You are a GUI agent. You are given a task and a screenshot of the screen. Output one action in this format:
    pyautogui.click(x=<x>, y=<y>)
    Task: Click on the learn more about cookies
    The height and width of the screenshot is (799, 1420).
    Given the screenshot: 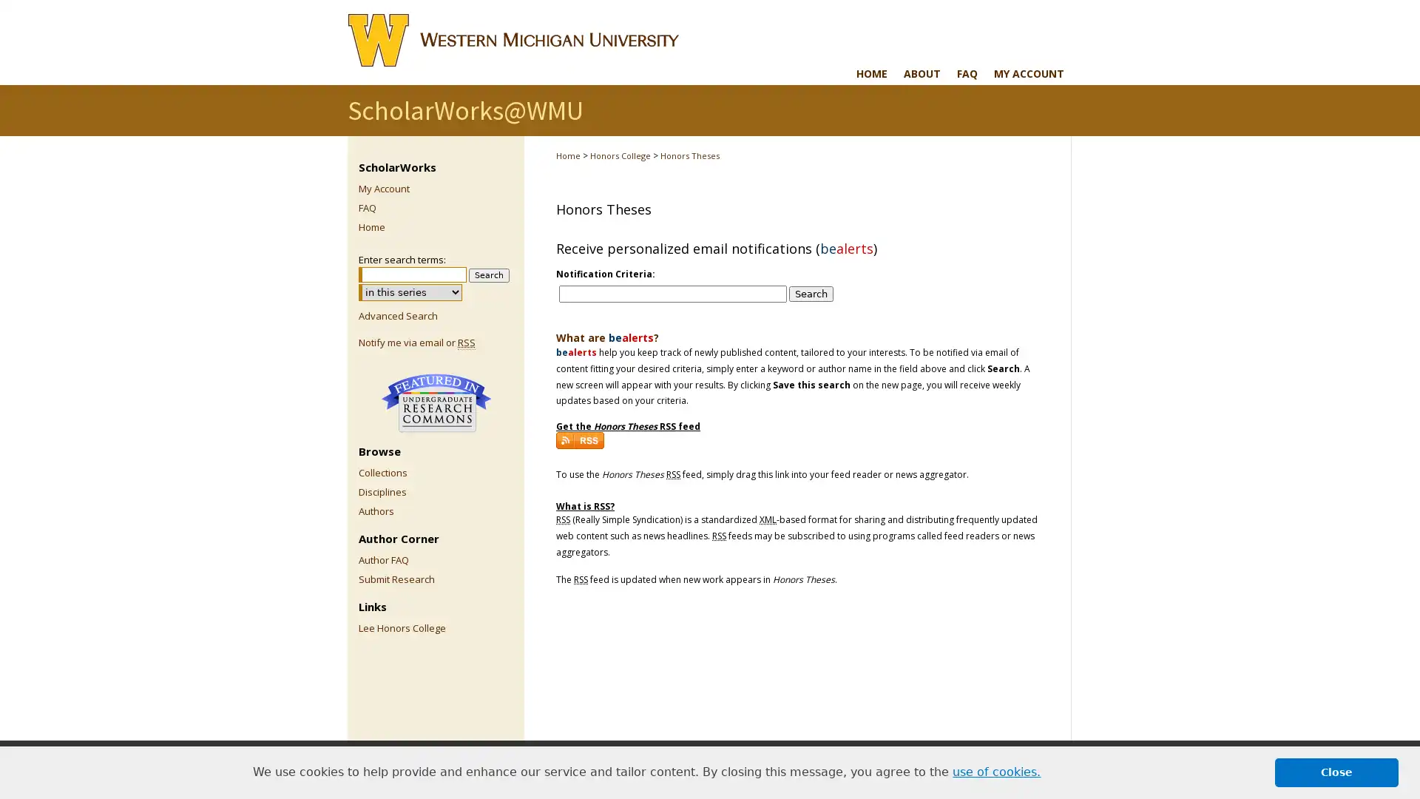 What is the action you would take?
    pyautogui.click(x=996, y=772)
    